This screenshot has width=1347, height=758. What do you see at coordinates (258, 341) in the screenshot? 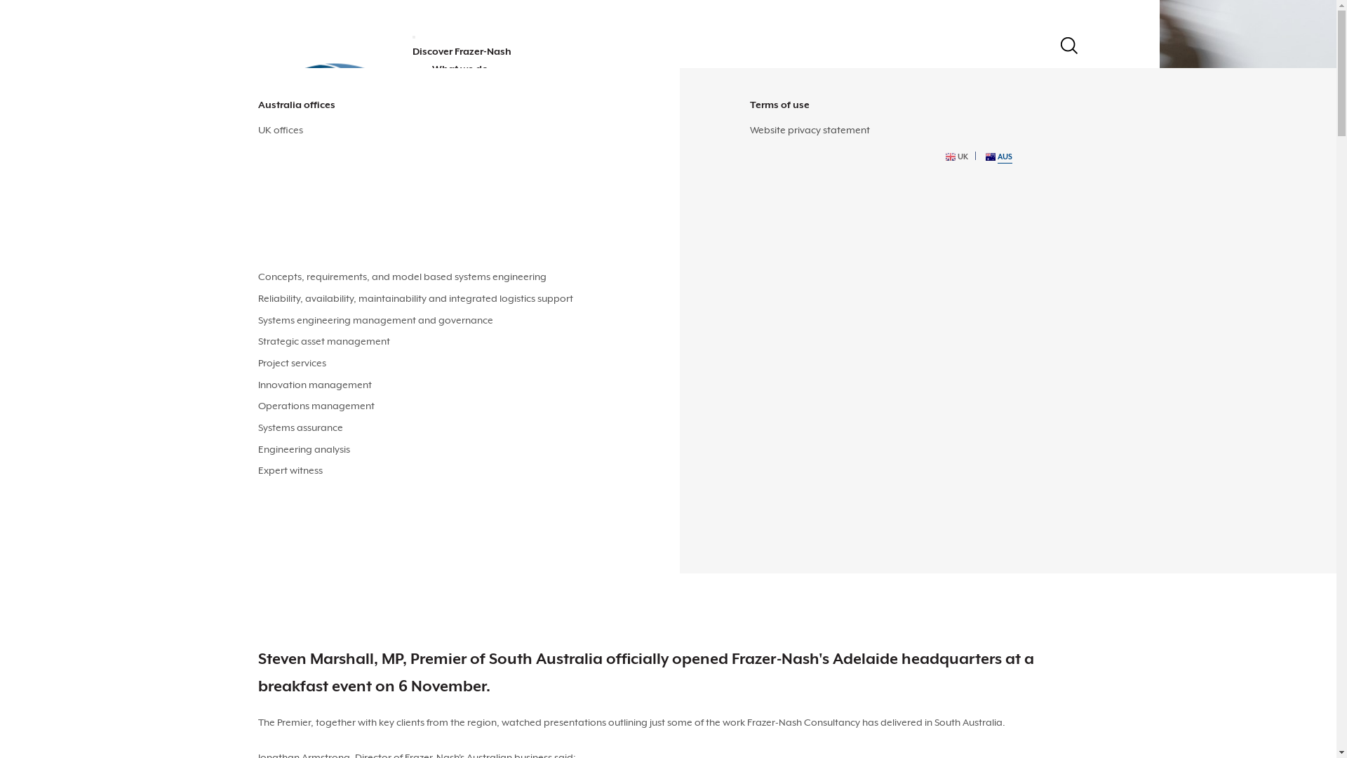
I see `'Strategic asset management'` at bounding box center [258, 341].